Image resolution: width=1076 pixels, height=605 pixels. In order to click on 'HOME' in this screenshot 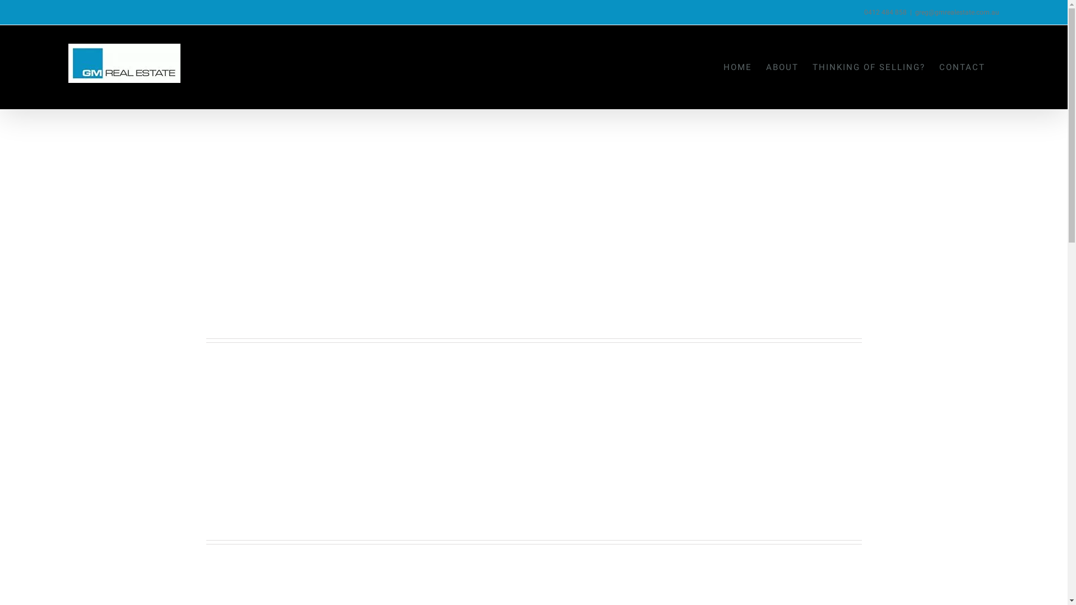, I will do `click(738, 67)`.